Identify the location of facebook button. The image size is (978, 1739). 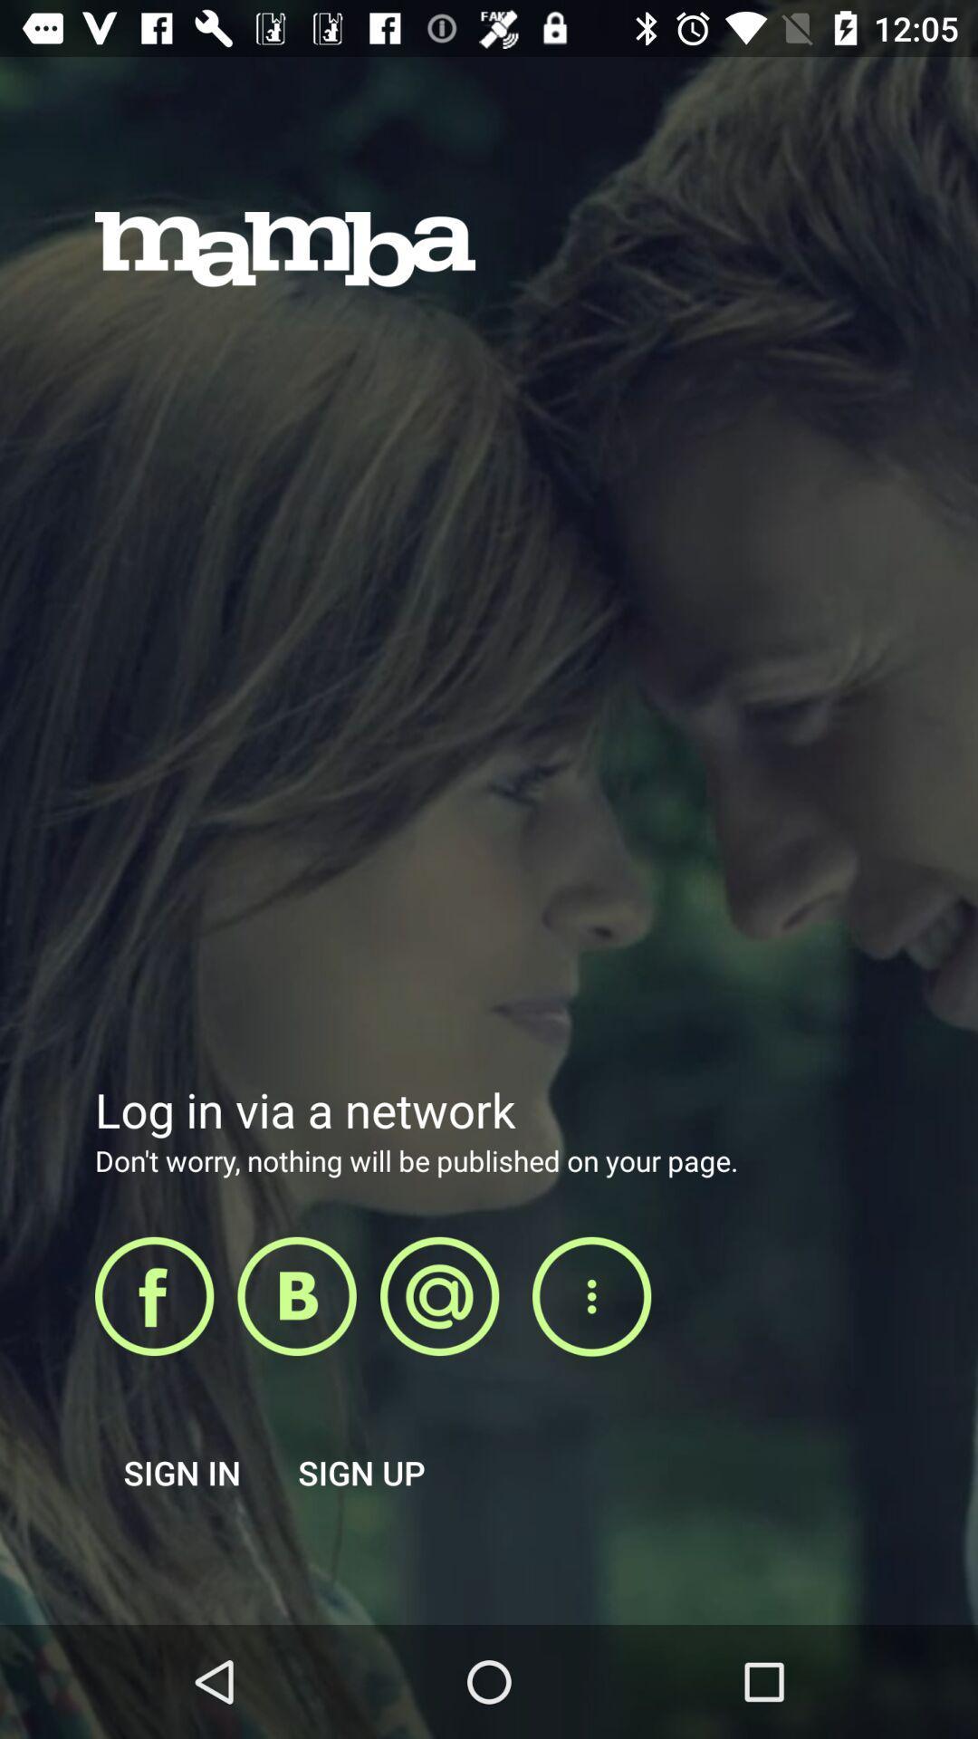
(153, 1295).